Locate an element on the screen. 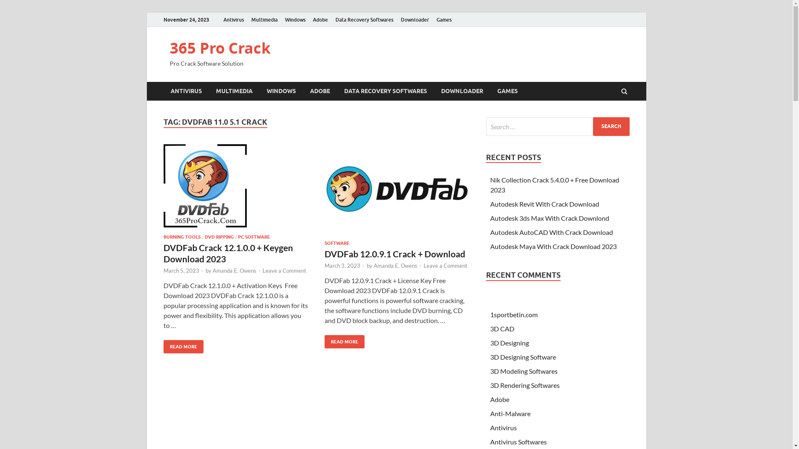 This screenshot has width=799, height=449. '365 Pro Crack' is located at coordinates (220, 48).